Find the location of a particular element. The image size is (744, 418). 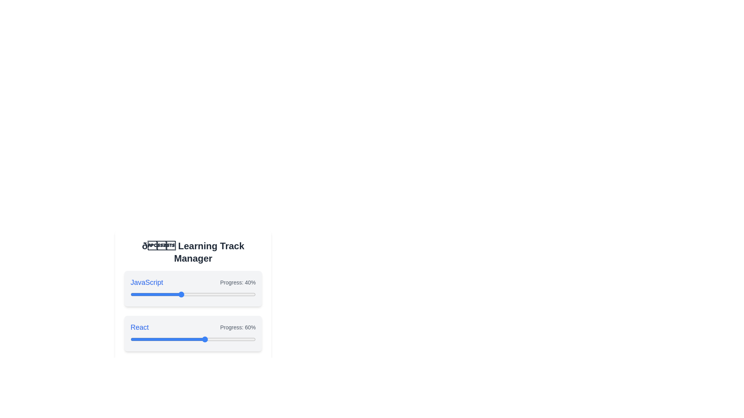

the text label displaying 'Progress: 40%' which is styled in gray and positioned to the right of 'JavaScript' is located at coordinates (238, 282).